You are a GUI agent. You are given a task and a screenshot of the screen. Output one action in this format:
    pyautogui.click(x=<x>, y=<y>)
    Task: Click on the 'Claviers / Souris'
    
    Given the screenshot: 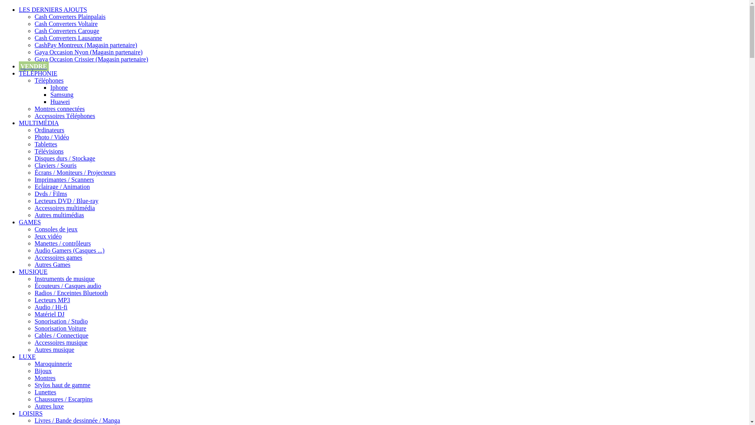 What is the action you would take?
    pyautogui.click(x=34, y=165)
    